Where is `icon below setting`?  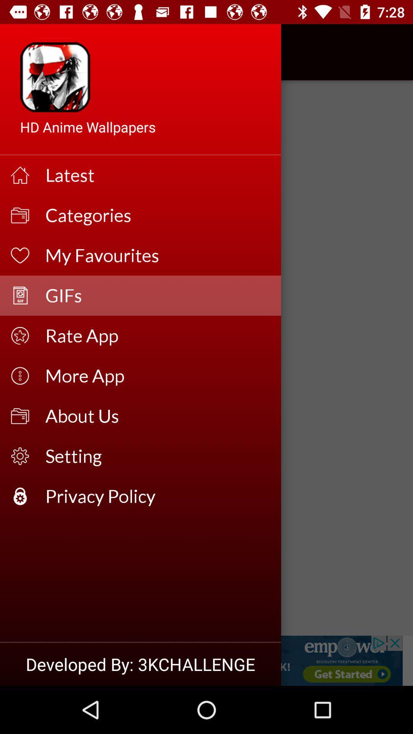
icon below setting is located at coordinates (158, 496).